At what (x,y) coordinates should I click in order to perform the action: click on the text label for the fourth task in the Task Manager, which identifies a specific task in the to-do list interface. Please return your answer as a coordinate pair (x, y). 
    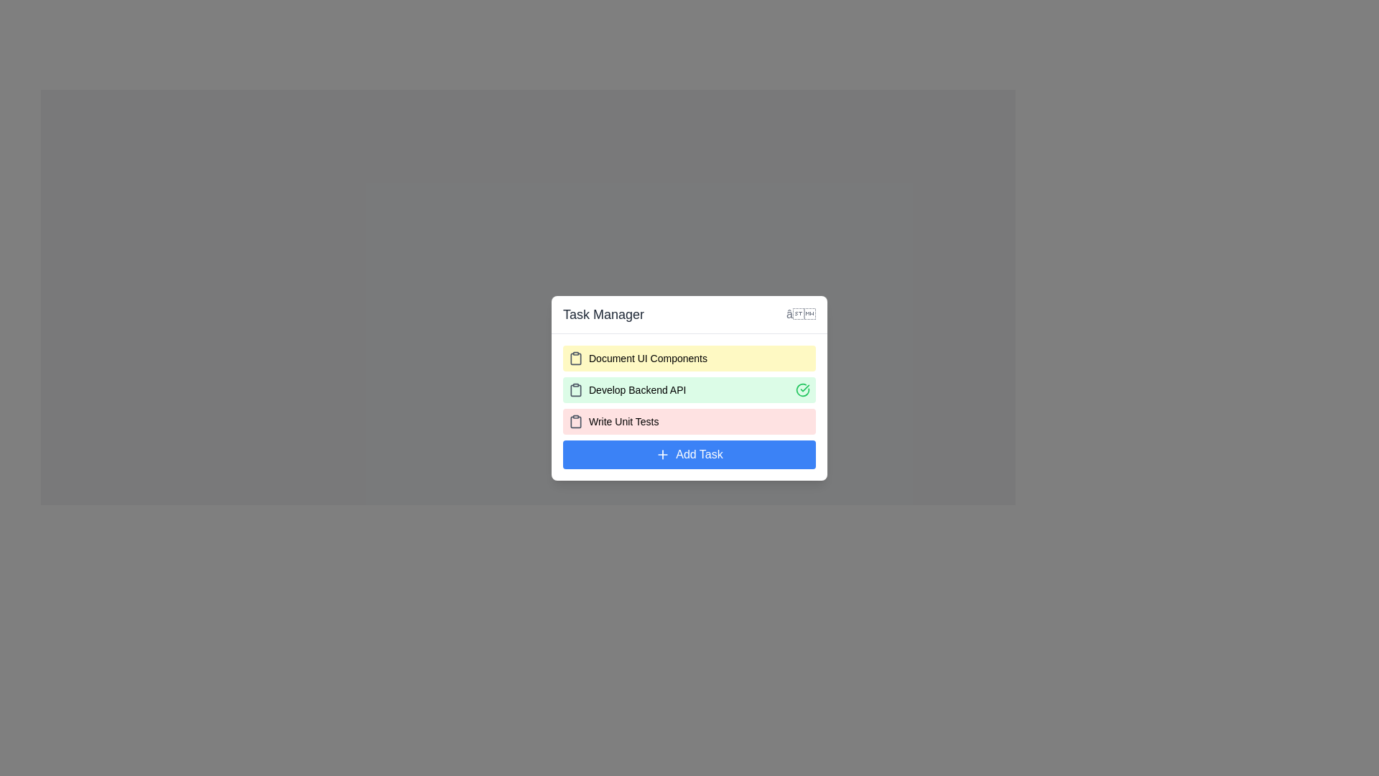
    Looking at the image, I should click on (636, 389).